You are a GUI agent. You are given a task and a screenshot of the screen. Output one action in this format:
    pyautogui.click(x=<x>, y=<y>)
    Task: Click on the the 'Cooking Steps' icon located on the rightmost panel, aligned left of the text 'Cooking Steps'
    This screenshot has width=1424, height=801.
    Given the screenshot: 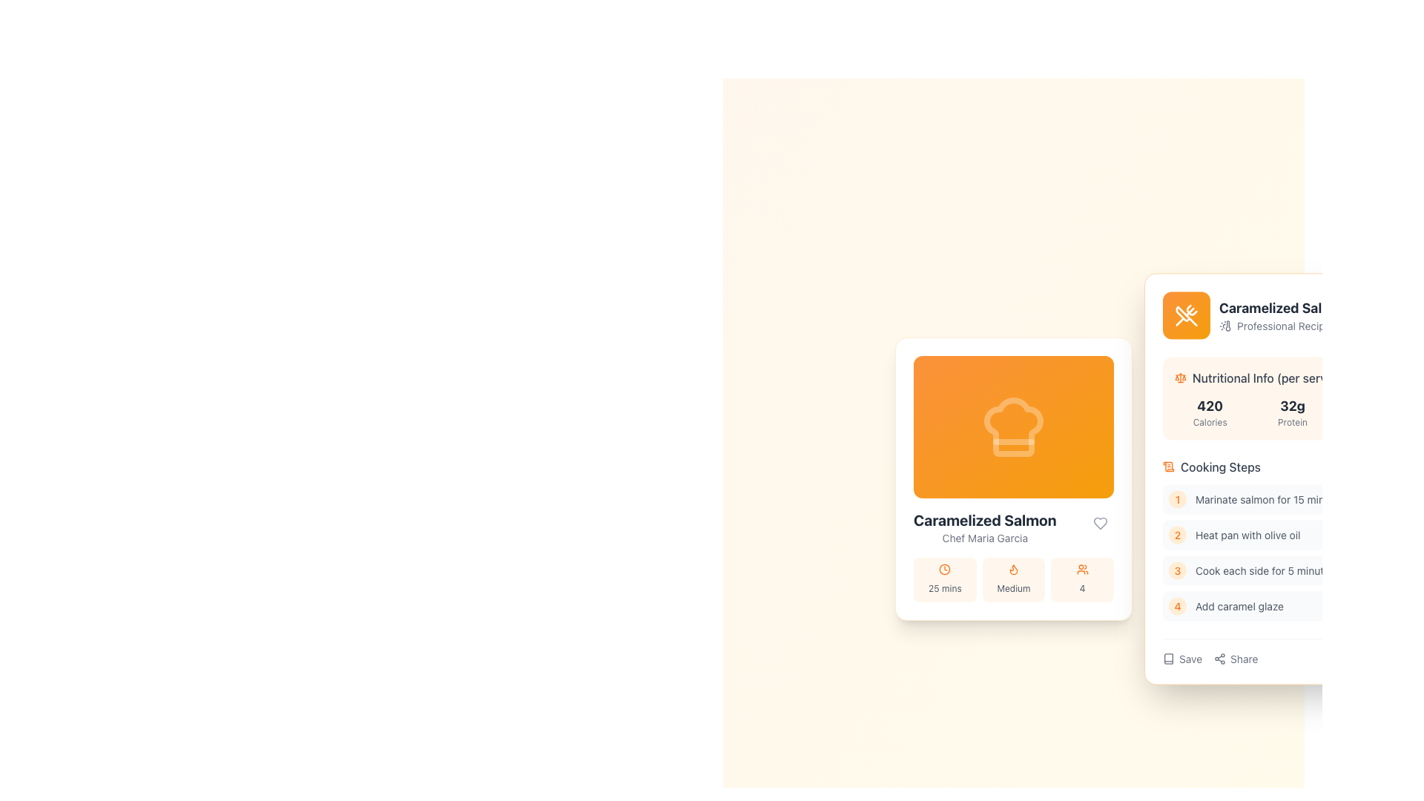 What is the action you would take?
    pyautogui.click(x=1167, y=465)
    